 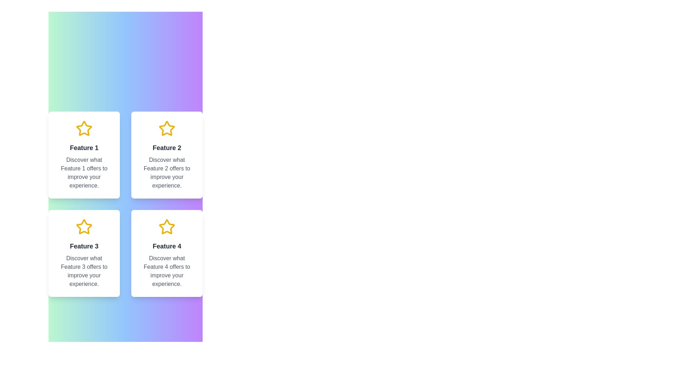 I want to click on the star-shaped icon with a yellow outline located at the top of the card labeled 'Feature 3', so click(x=84, y=227).